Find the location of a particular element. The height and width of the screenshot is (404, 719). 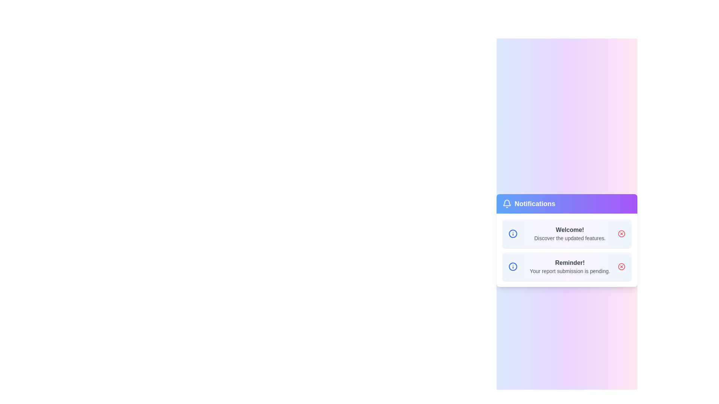

textual information displayed in the light gray font that says 'Your report submission is pending.' located directly beneath the bold headline 'Reminder!' in the notification card is located at coordinates (569, 271).